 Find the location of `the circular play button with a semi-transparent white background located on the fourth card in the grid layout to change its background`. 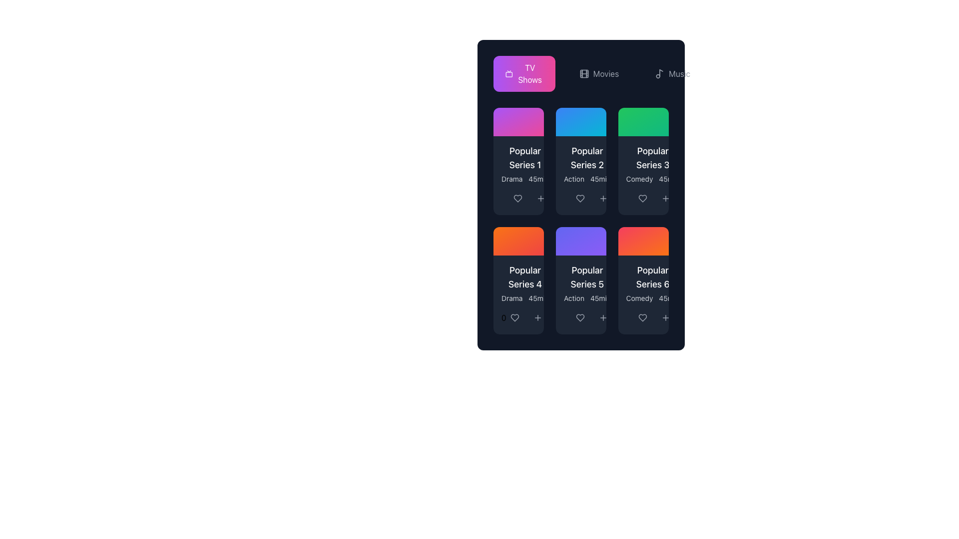

the circular play button with a semi-transparent white background located on the fourth card in the grid layout to change its background is located at coordinates (518, 241).